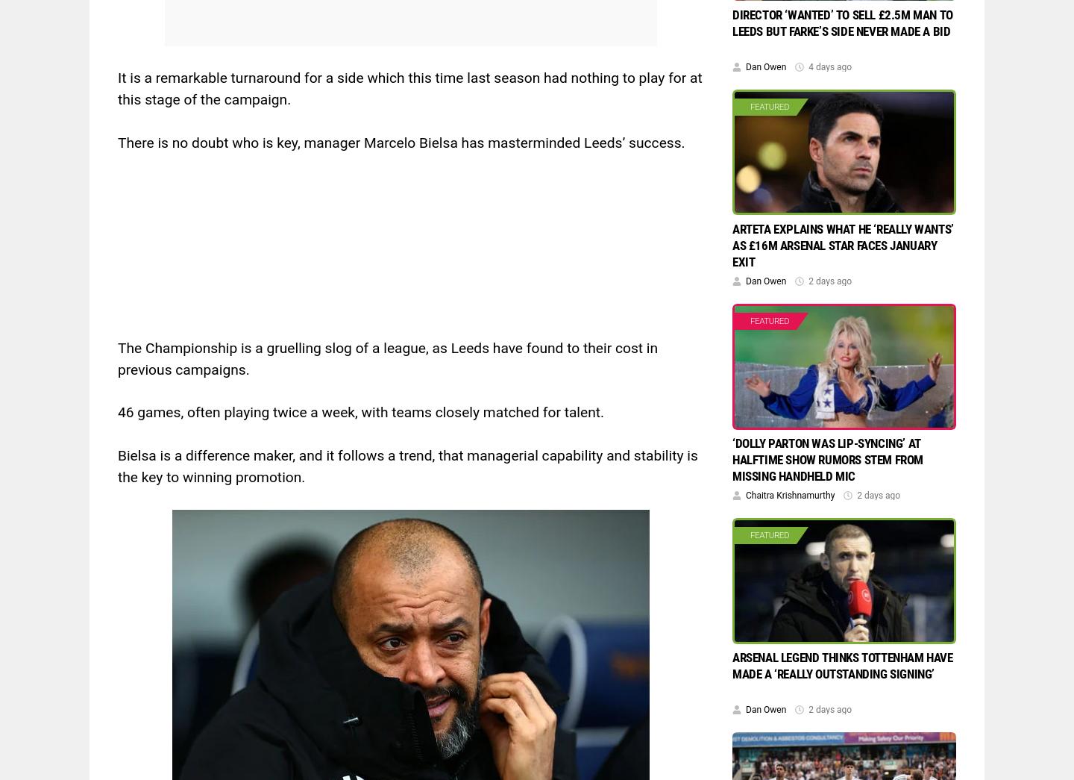  What do you see at coordinates (409, 87) in the screenshot?
I see `'It is a remarkable turnaround for a side which this time last season had nothing to play for at this stage of the campaign.'` at bounding box center [409, 87].